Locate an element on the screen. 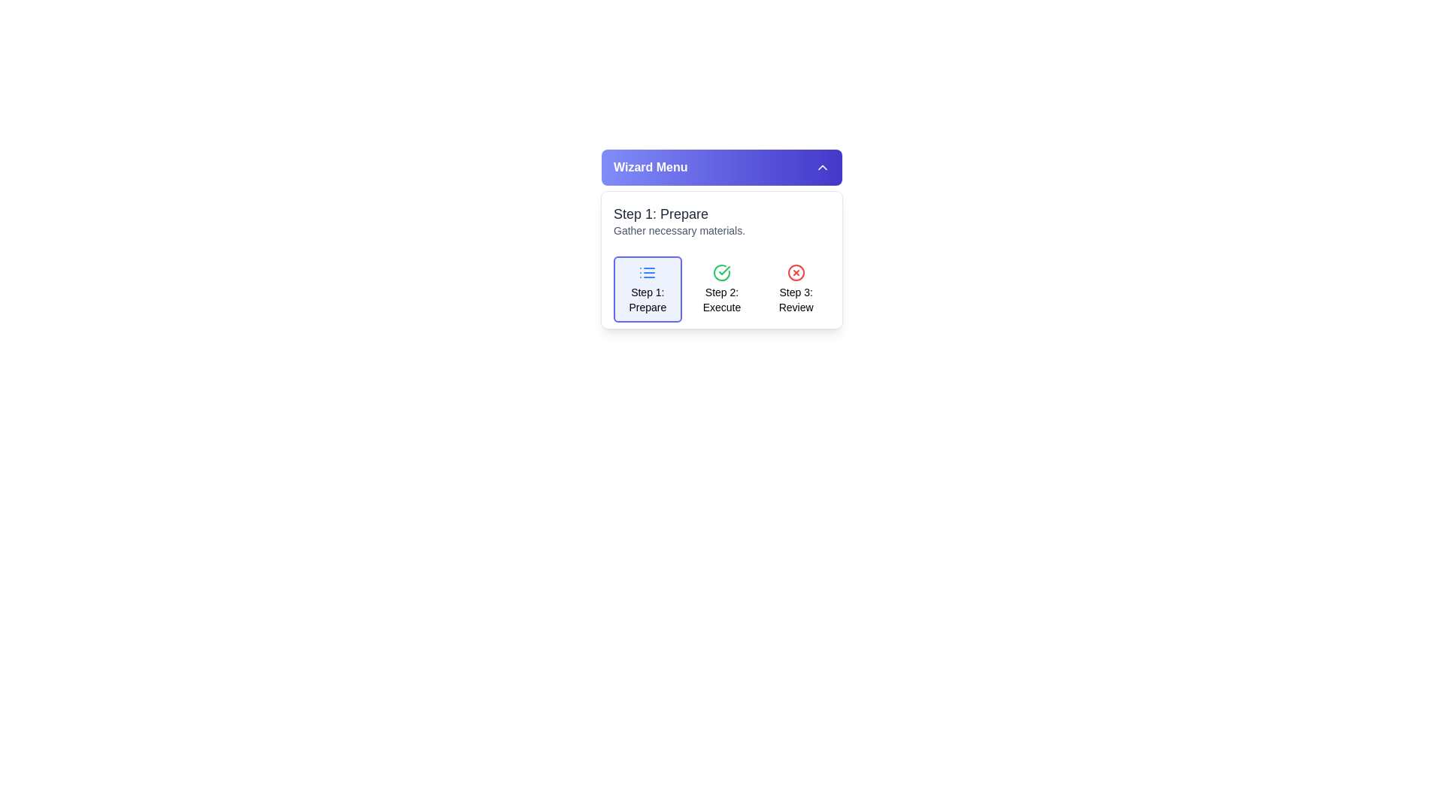 This screenshot has width=1444, height=812. the circular green checkmark button labeled 'Step 2: Execute' is located at coordinates (722, 289).